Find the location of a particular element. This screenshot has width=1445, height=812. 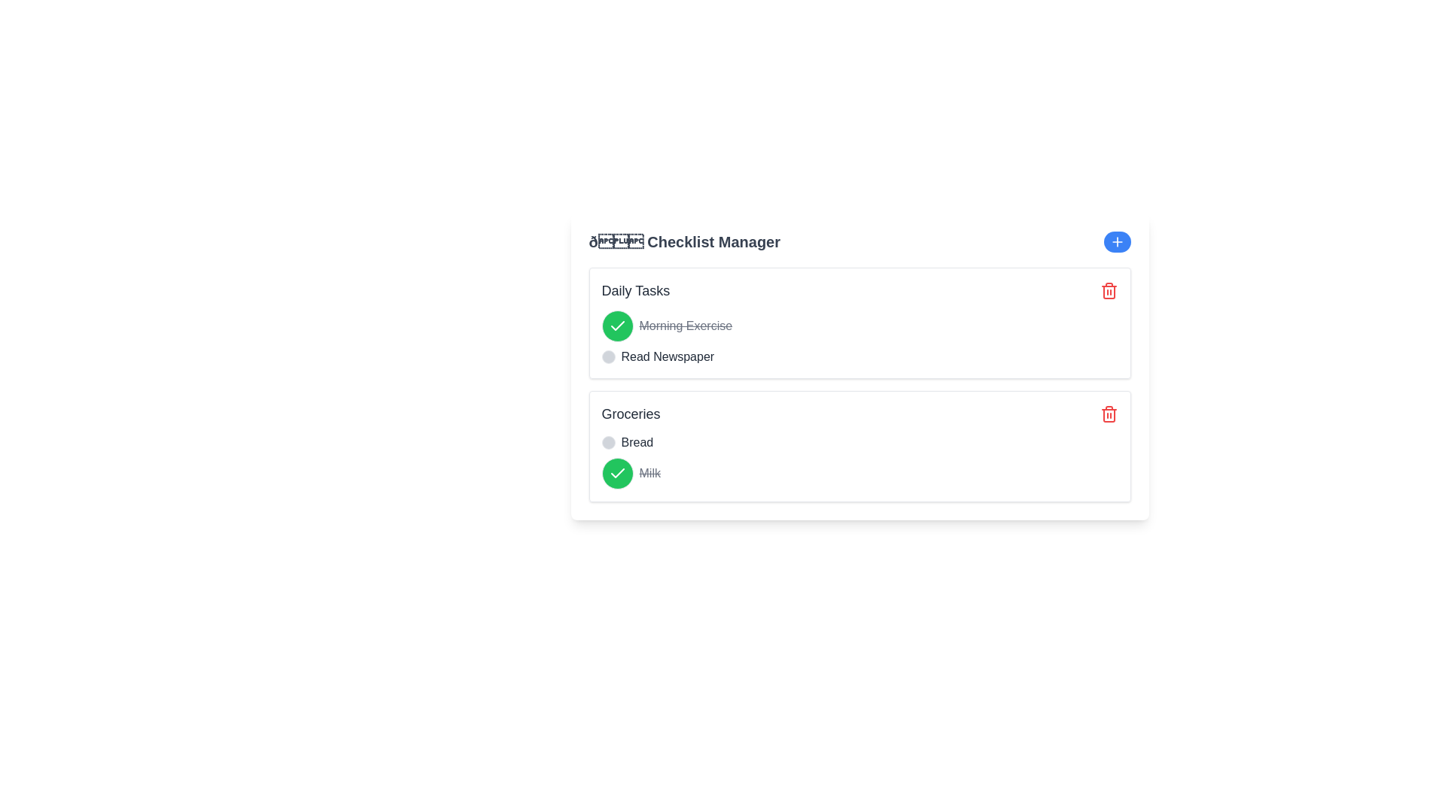

the List Item labeled 'Read Newspaper' located under the 'Daily Tasks' section is located at coordinates (859, 356).